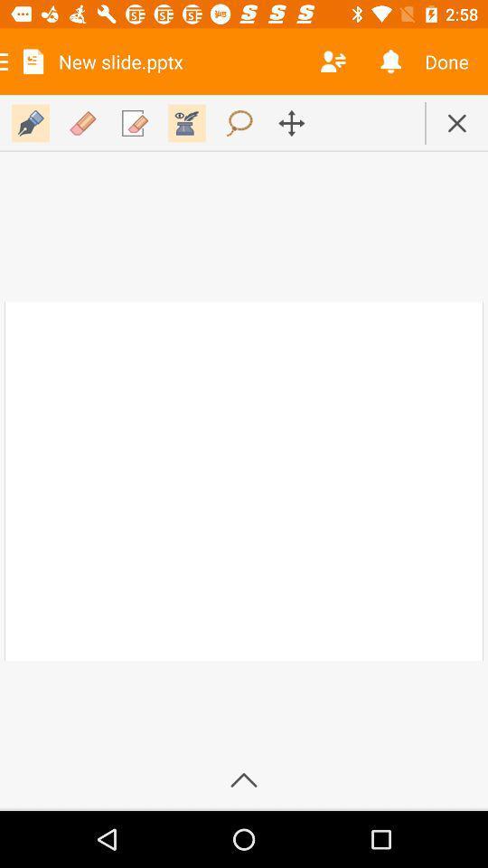  What do you see at coordinates (81, 122) in the screenshot?
I see `the edit icon` at bounding box center [81, 122].